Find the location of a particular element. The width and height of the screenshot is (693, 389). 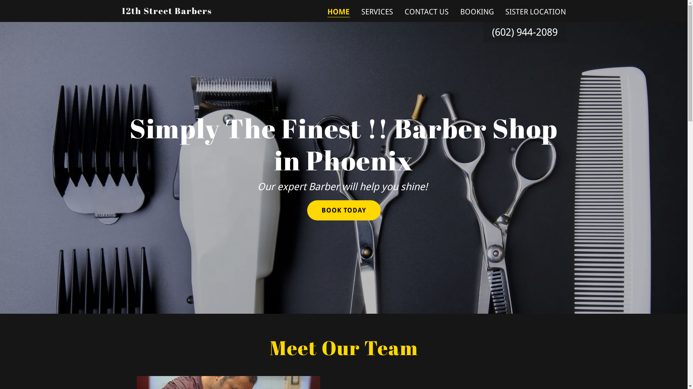

'CONTACT US' is located at coordinates (426, 12).